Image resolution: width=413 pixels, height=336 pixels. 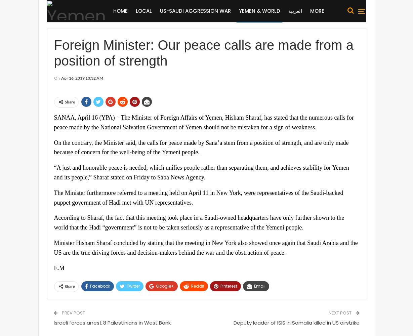 What do you see at coordinates (253, 286) in the screenshot?
I see `'Email'` at bounding box center [253, 286].